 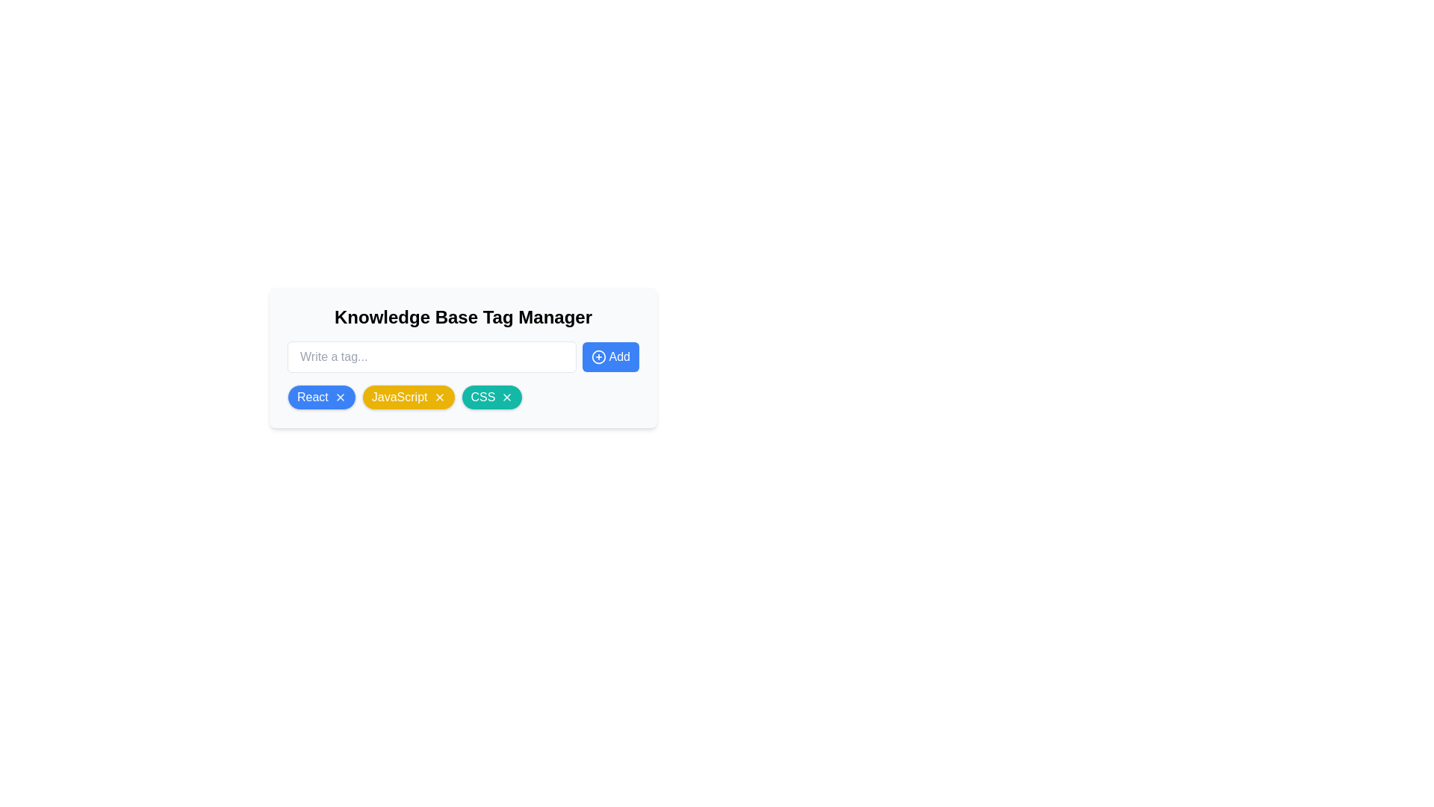 I want to click on the blue rectangular button with rounded corners that has a white plus icon and the text 'Add', so click(x=610, y=357).